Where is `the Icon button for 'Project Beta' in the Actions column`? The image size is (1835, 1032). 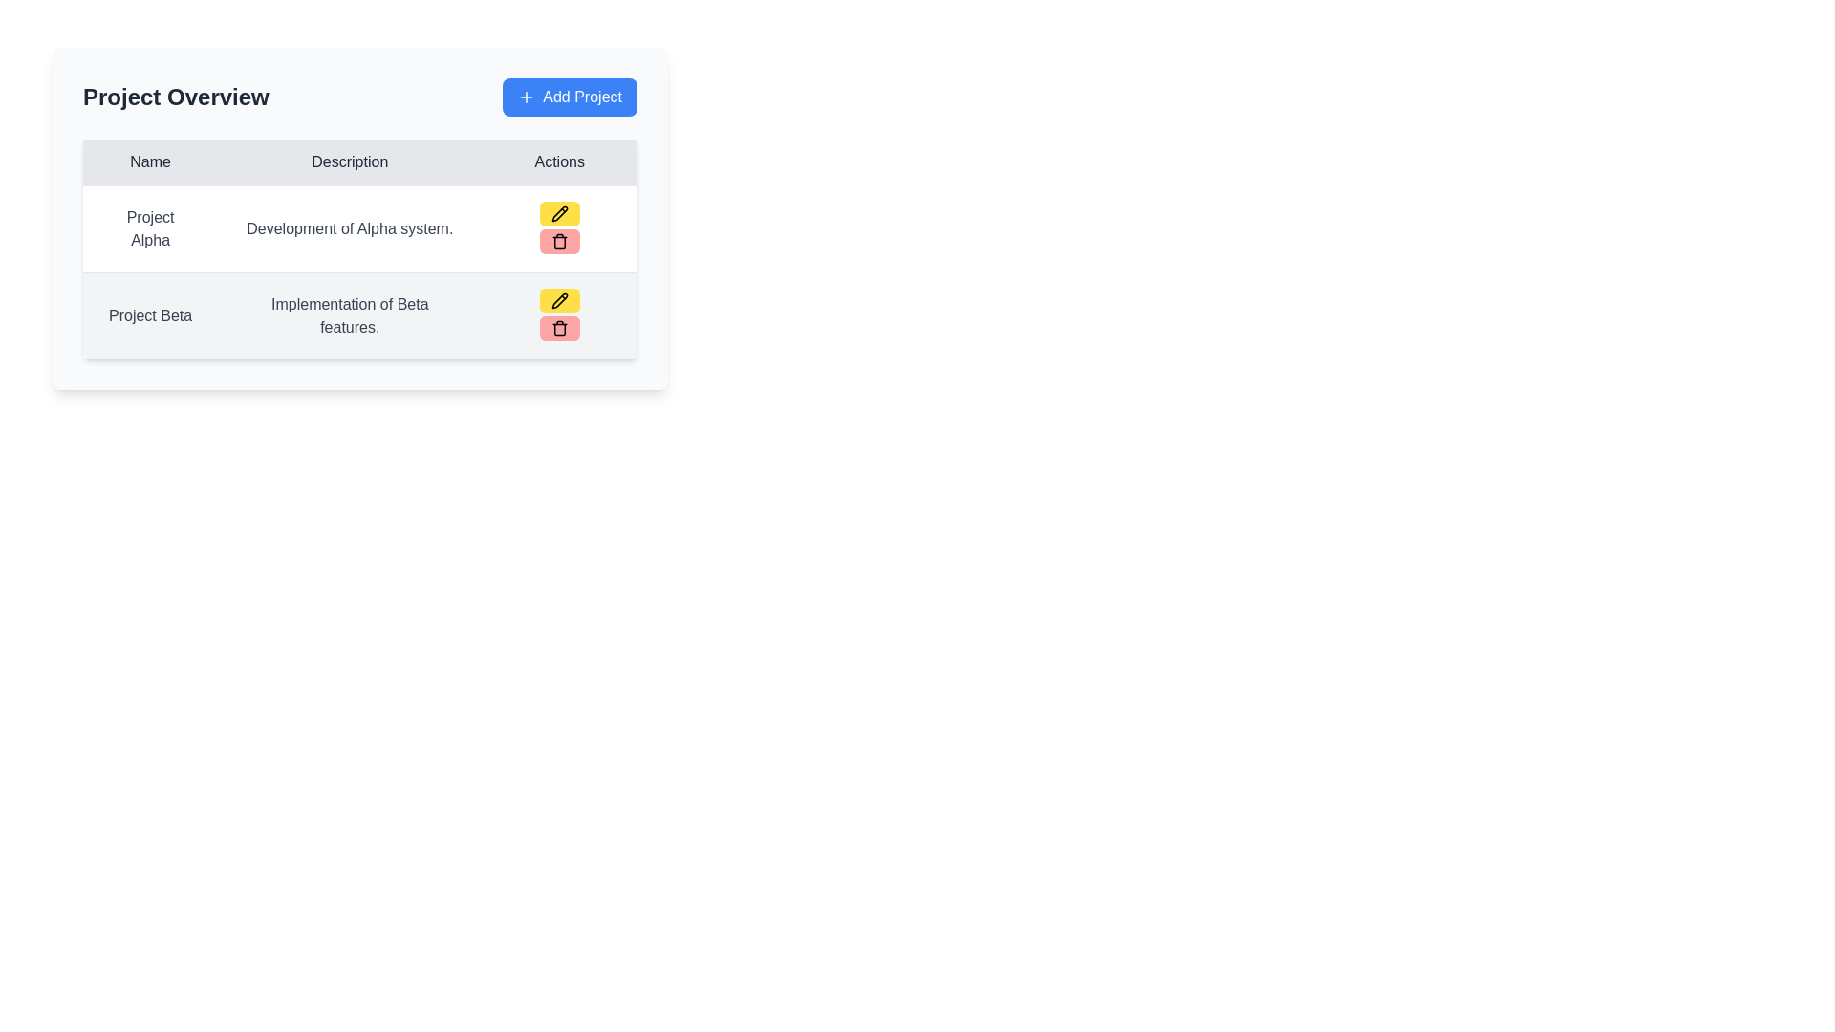 the Icon button for 'Project Beta' in the Actions column is located at coordinates (558, 327).